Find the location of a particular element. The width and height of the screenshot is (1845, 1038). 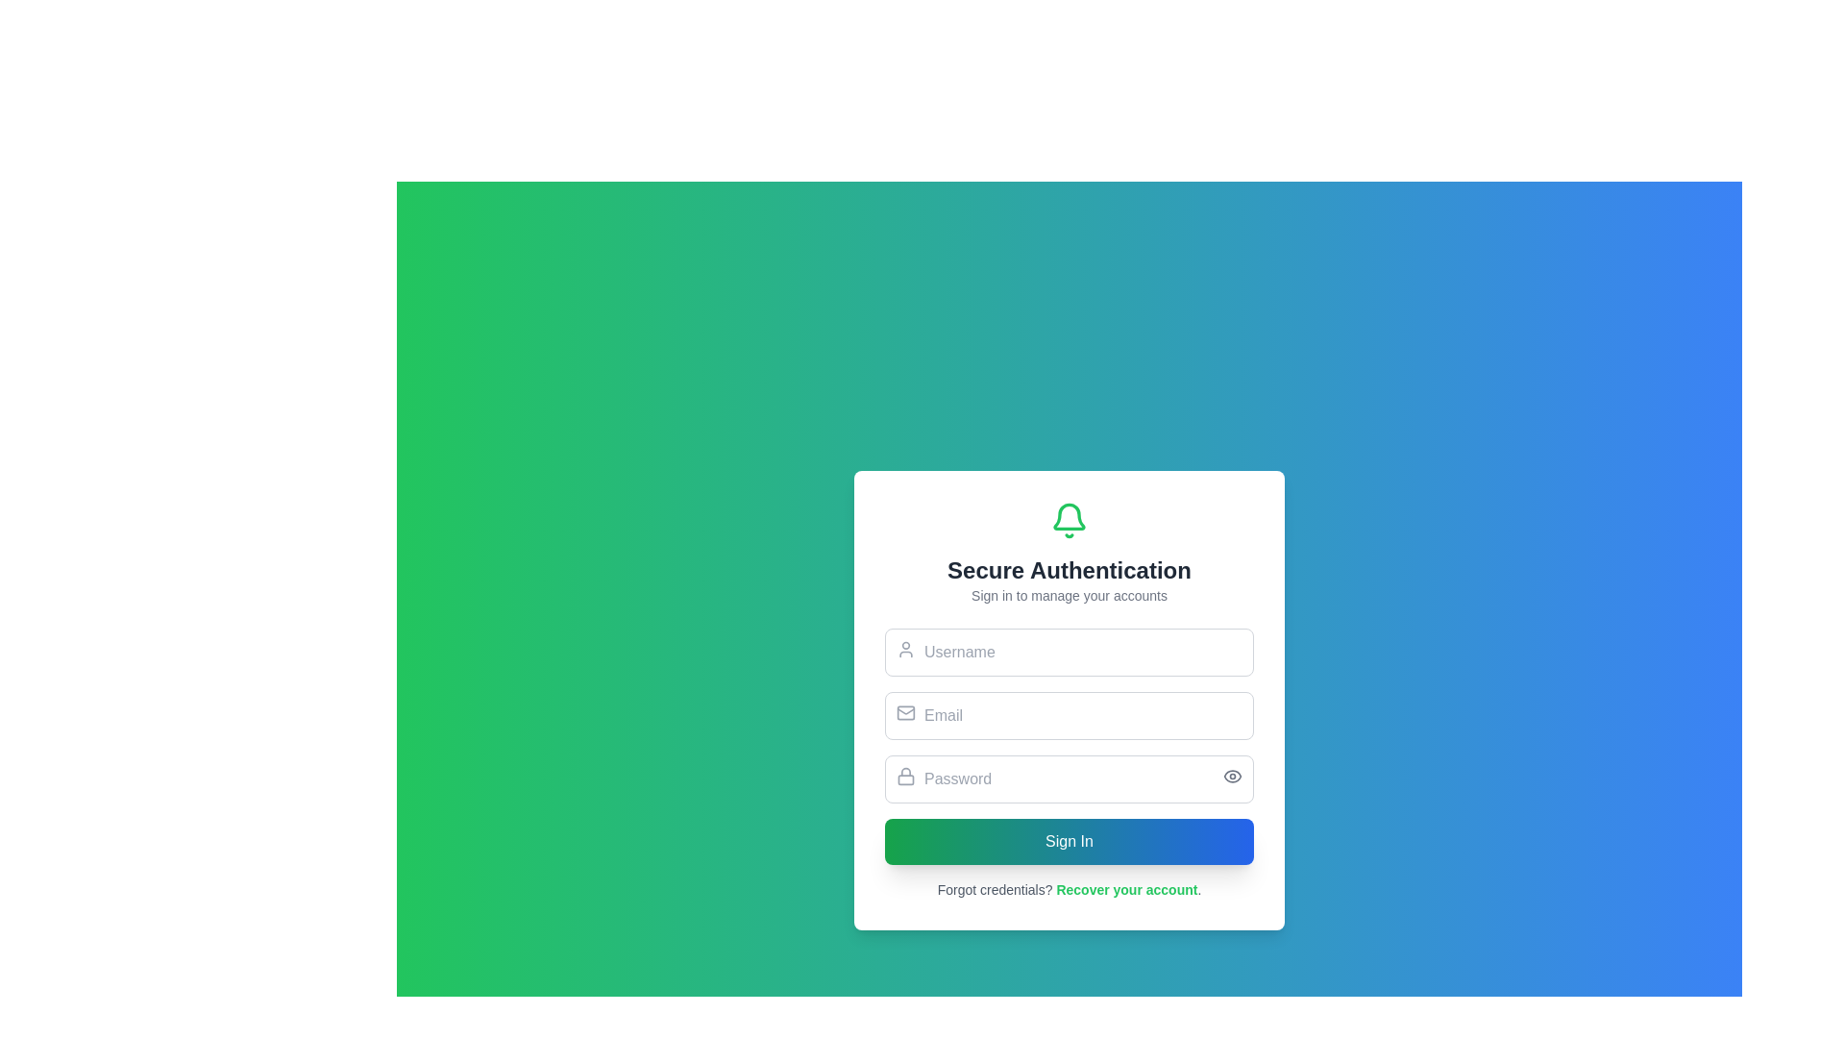

the minimalistic gray padlock icon located inside the password input field, adjacent to the 'Password' placeholder text is located at coordinates (904, 775).